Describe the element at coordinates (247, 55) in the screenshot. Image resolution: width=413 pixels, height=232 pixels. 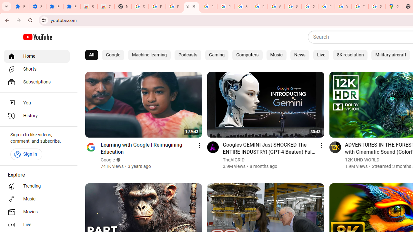
I see `'Computers'` at that location.